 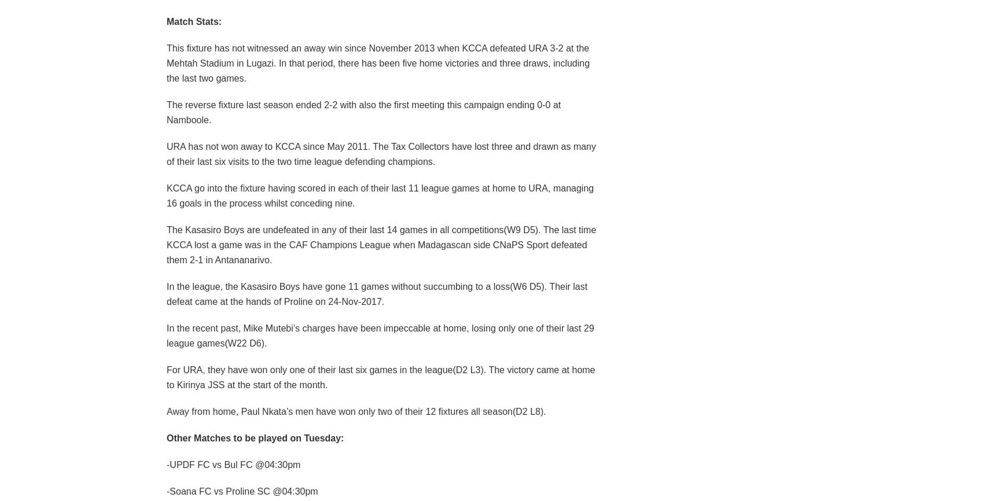 I want to click on 'For URA, they have won only one of their last six games in the league(D2 L3). The victory came at home to Kirinya JSS at the start of the month.', so click(x=165, y=376).